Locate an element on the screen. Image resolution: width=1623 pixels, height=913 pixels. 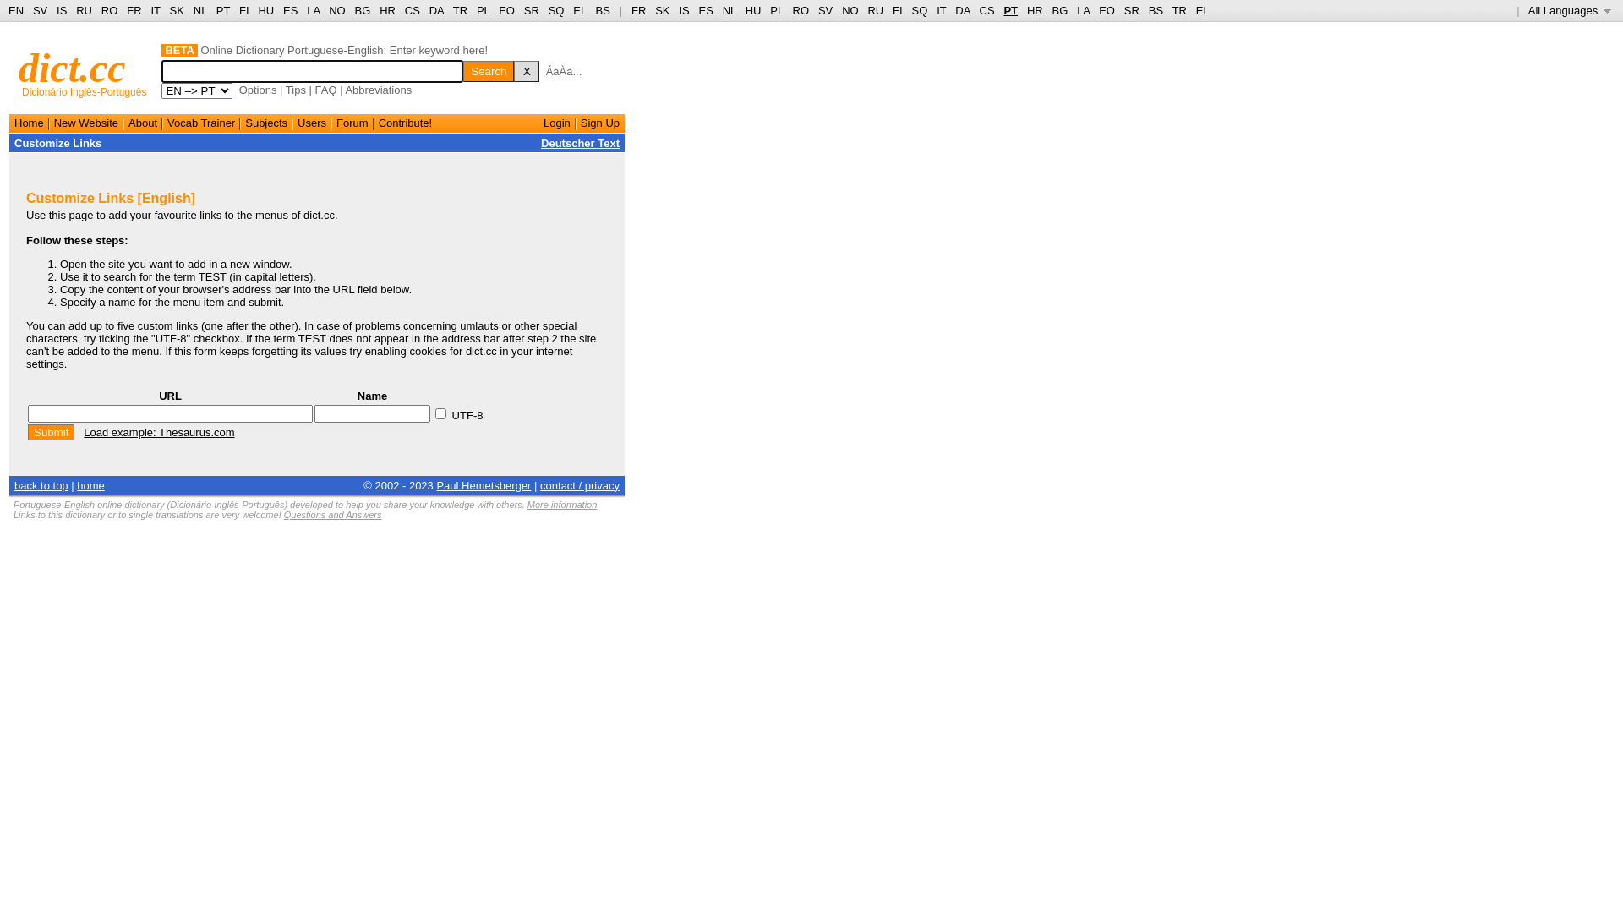
'FI' is located at coordinates (243, 10).